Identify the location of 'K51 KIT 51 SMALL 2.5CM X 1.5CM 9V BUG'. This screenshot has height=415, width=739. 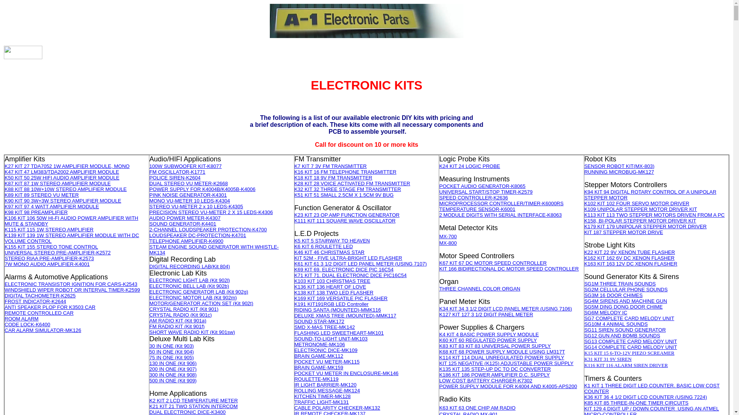
(294, 194).